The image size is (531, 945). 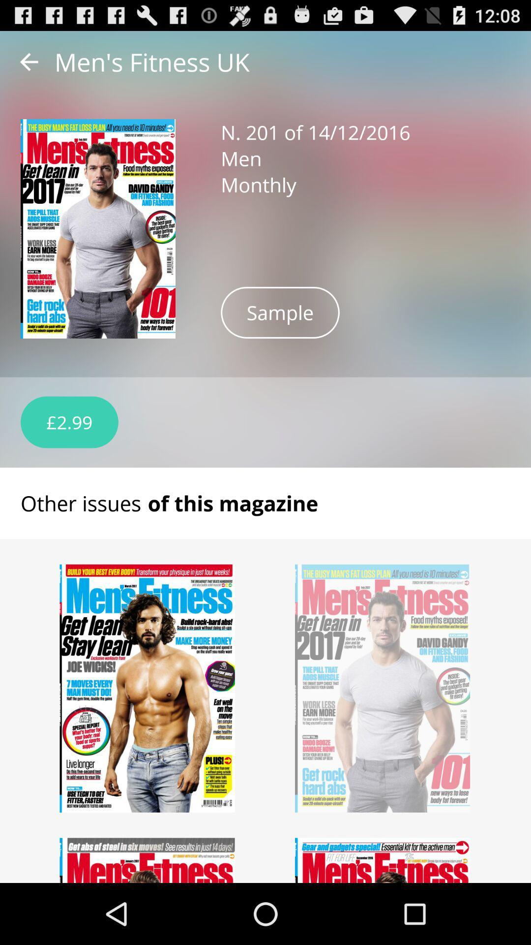 What do you see at coordinates (280, 312) in the screenshot?
I see `the item below monthly icon` at bounding box center [280, 312].